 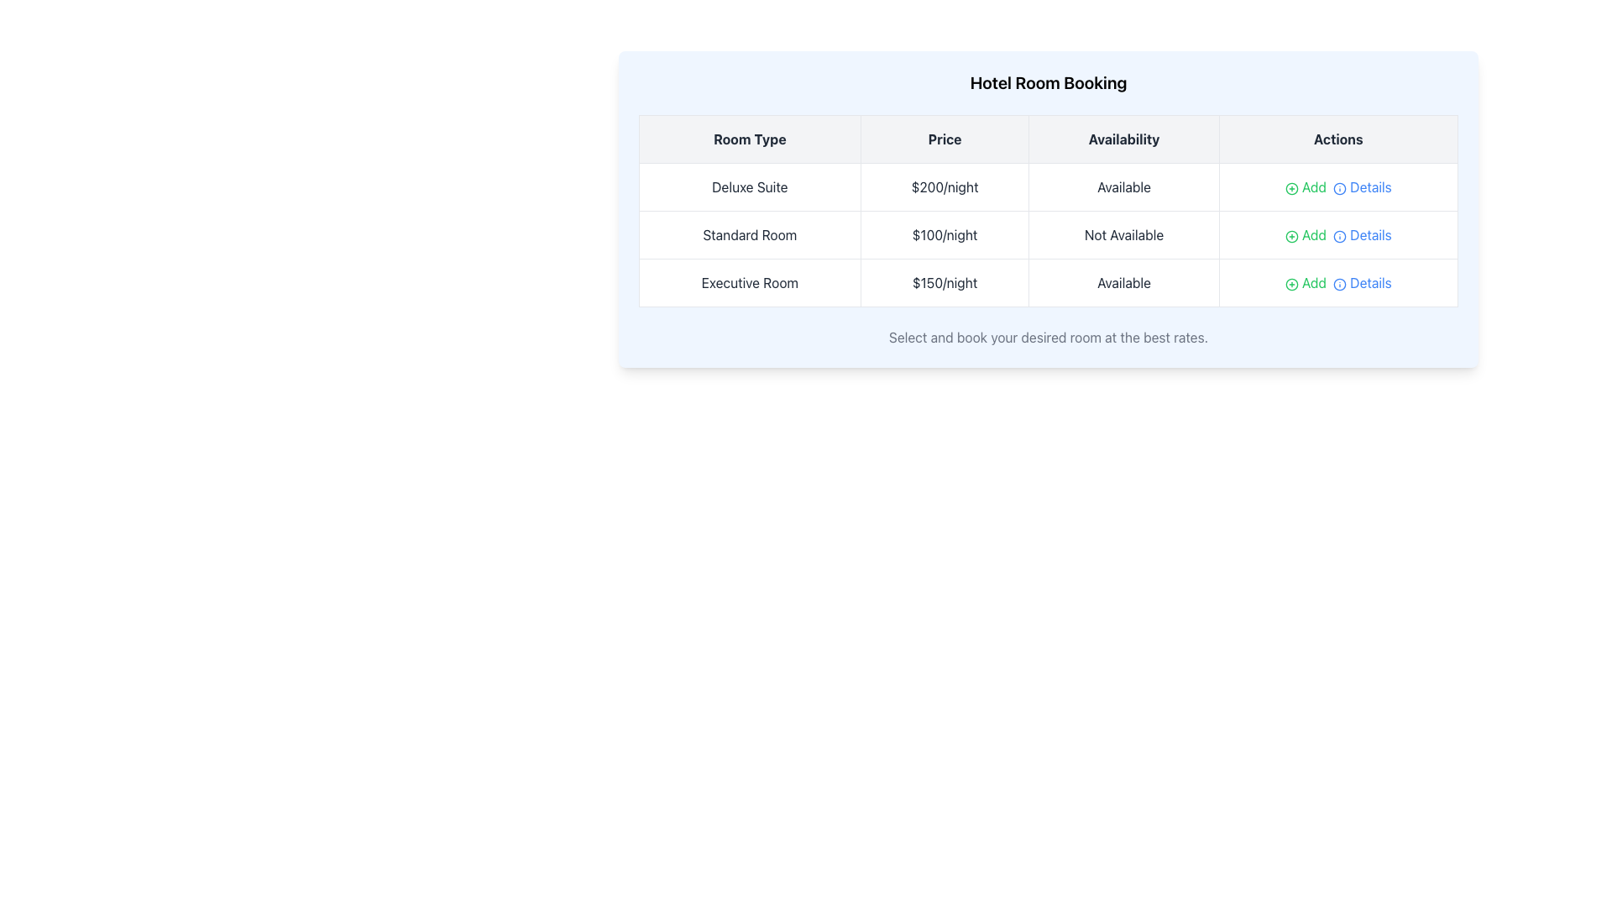 I want to click on the circular icon with a green border and red fill in the 'Actions' column of the 'Deluxe Suite' row, so click(x=1290, y=188).